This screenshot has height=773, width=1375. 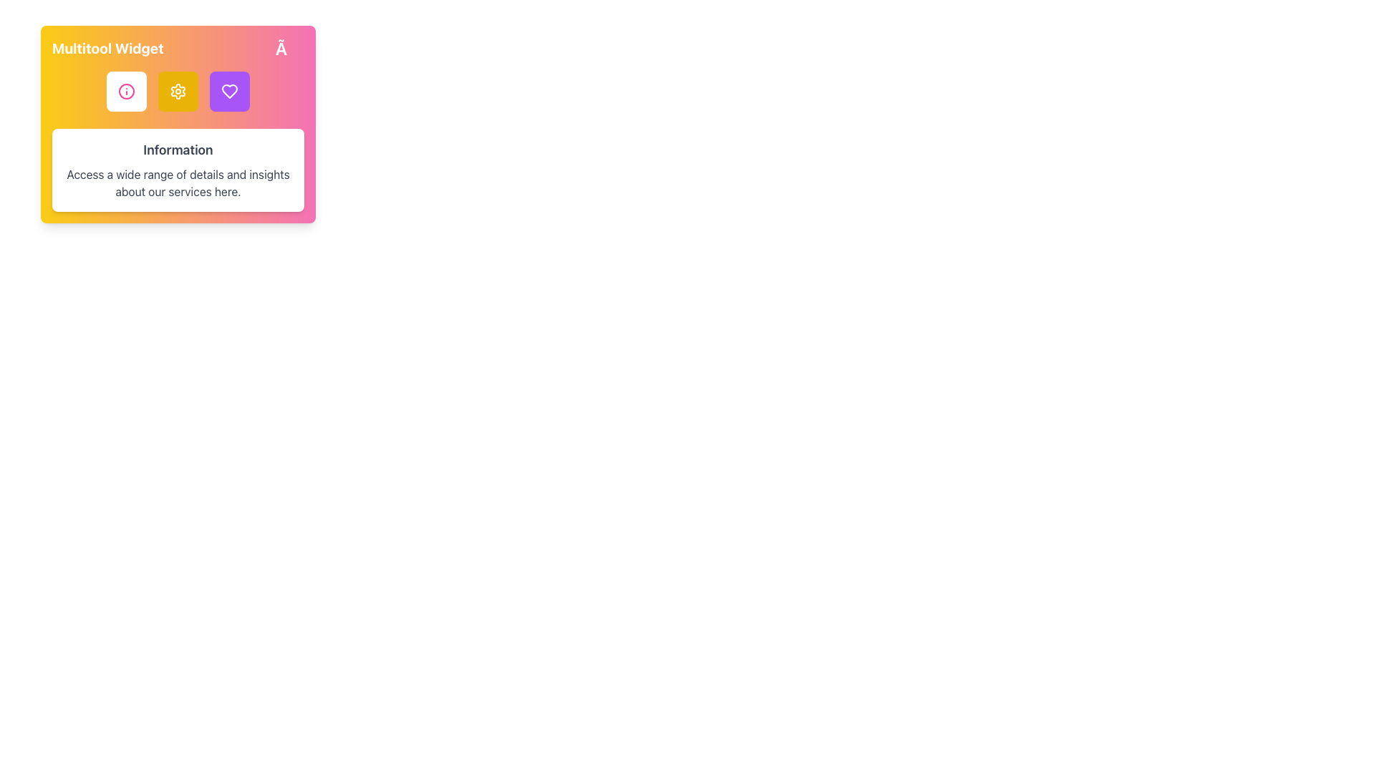 What do you see at coordinates (178, 91) in the screenshot?
I see `the gear-shaped icon located in the center of the yellow circular button, which is the second button from the left in a horizontal row of three buttons within the Multitool Widget card` at bounding box center [178, 91].